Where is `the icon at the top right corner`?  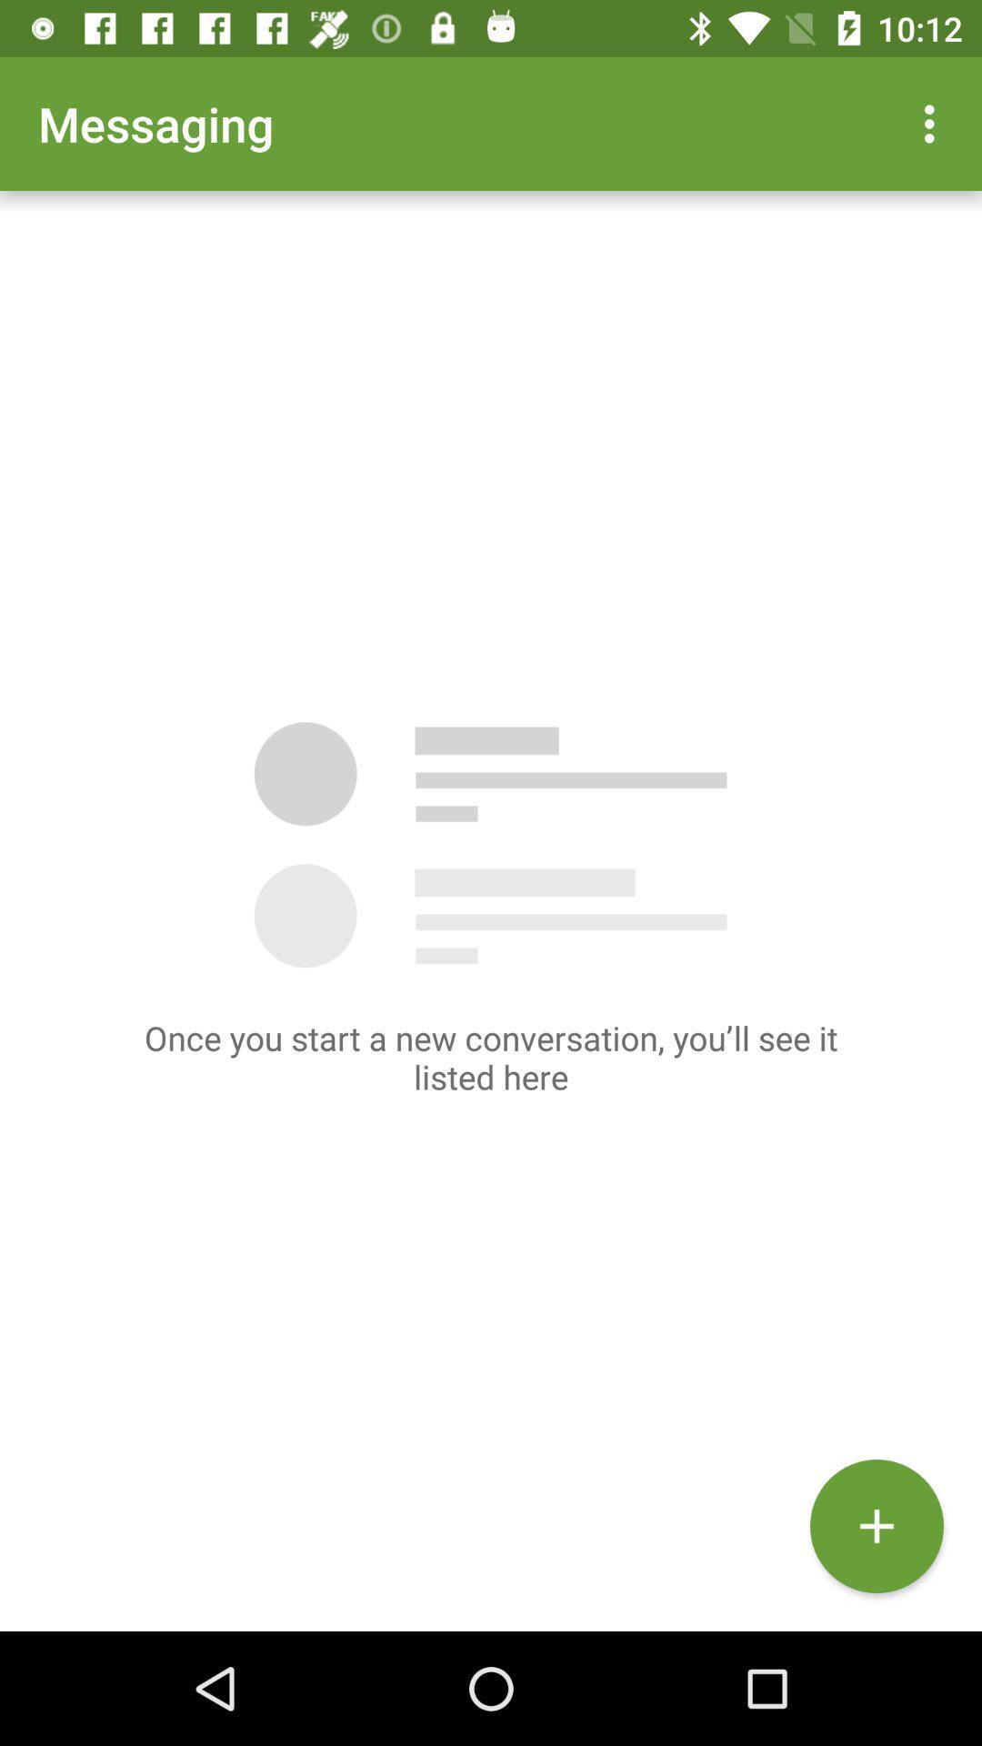 the icon at the top right corner is located at coordinates (934, 123).